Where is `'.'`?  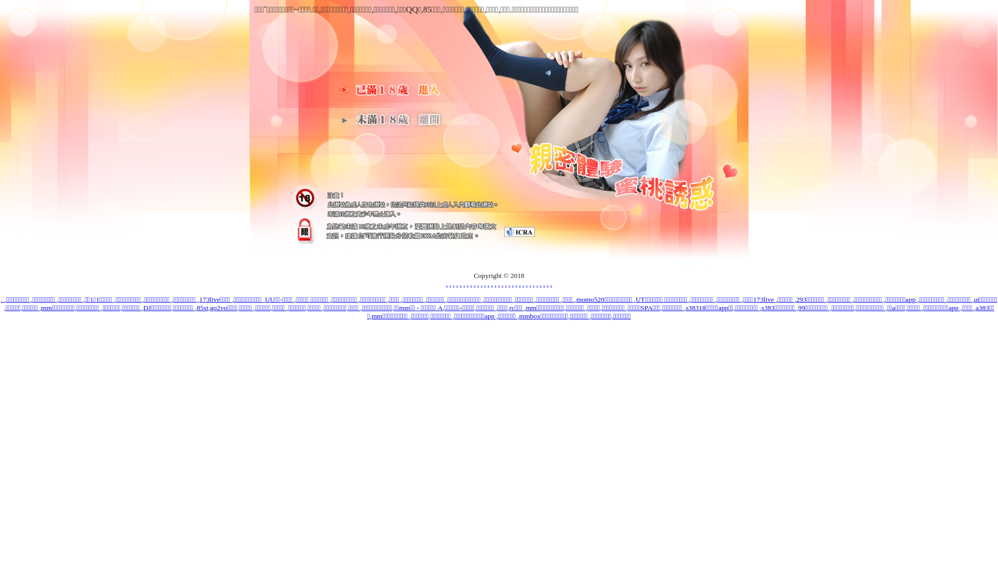
'.' is located at coordinates (484, 284).